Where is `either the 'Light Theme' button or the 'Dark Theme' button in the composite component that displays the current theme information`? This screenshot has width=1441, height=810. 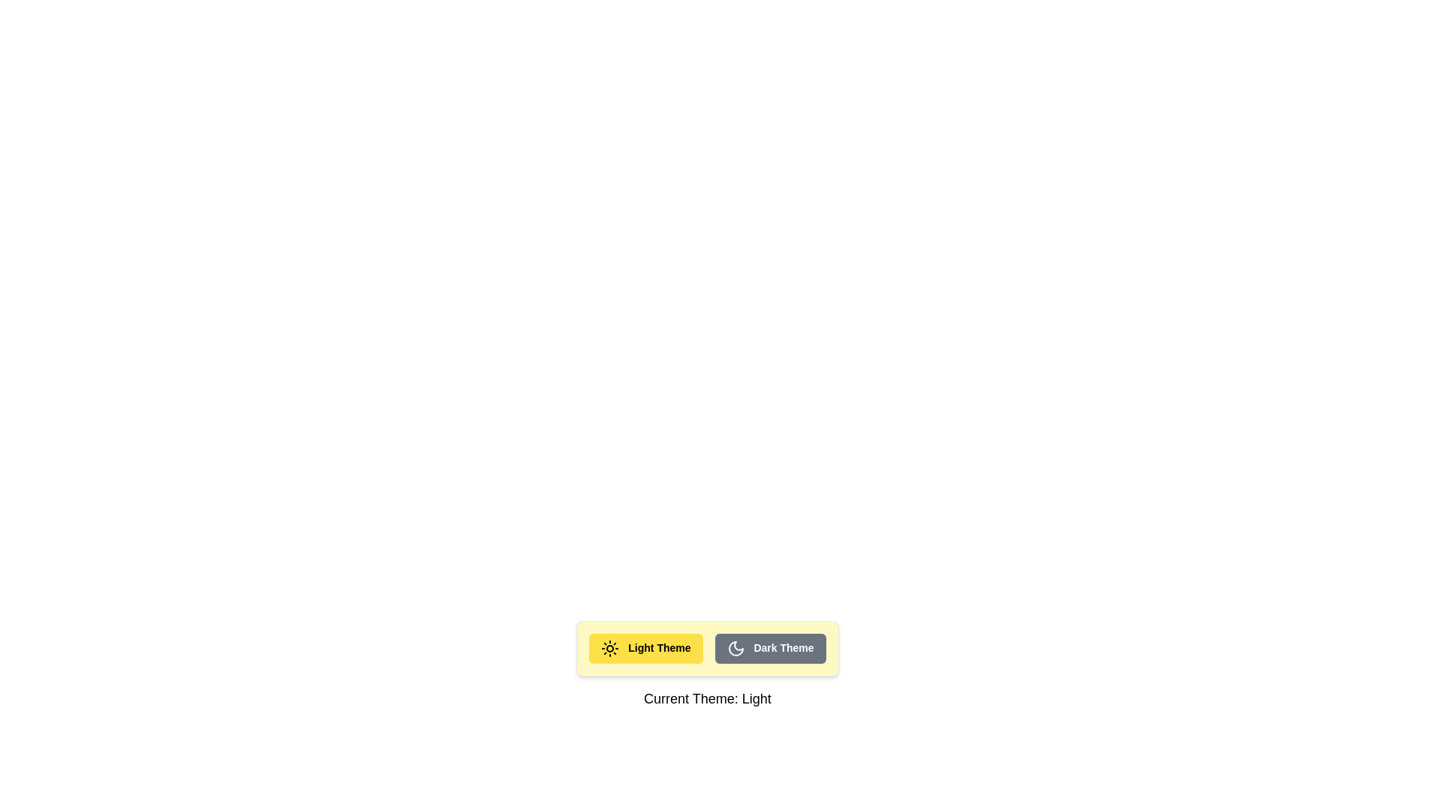 either the 'Light Theme' button or the 'Dark Theme' button in the composite component that displays the current theme information is located at coordinates (706, 664).